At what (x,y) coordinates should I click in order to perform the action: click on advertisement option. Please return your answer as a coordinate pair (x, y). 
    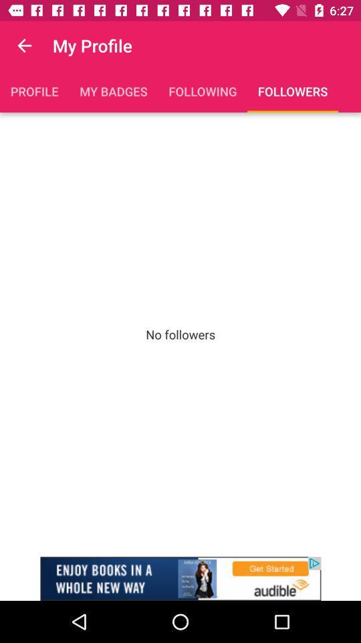
    Looking at the image, I should click on (180, 578).